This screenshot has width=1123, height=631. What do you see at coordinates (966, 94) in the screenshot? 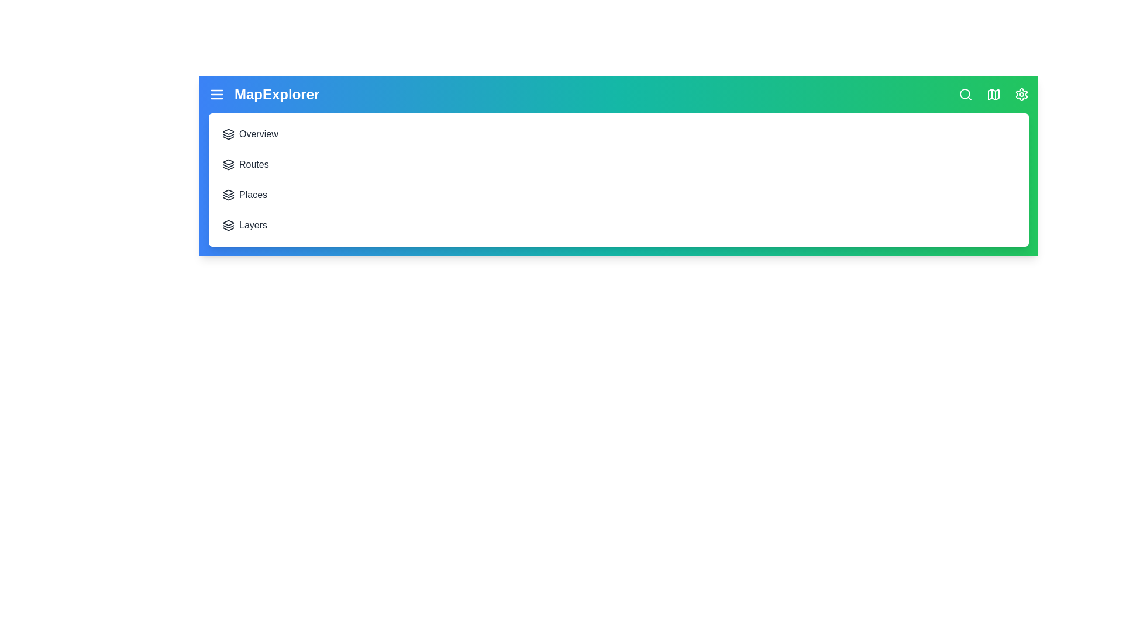
I see `the search icon to activate the search function` at bounding box center [966, 94].